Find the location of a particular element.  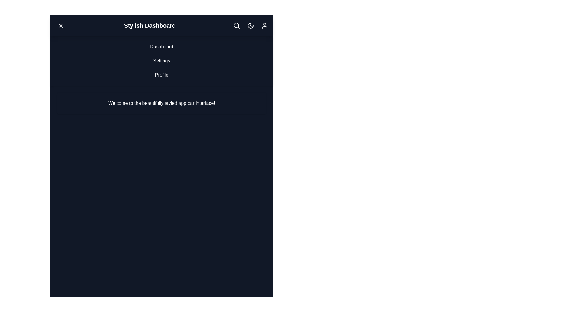

the search icon in the app bar is located at coordinates (236, 25).